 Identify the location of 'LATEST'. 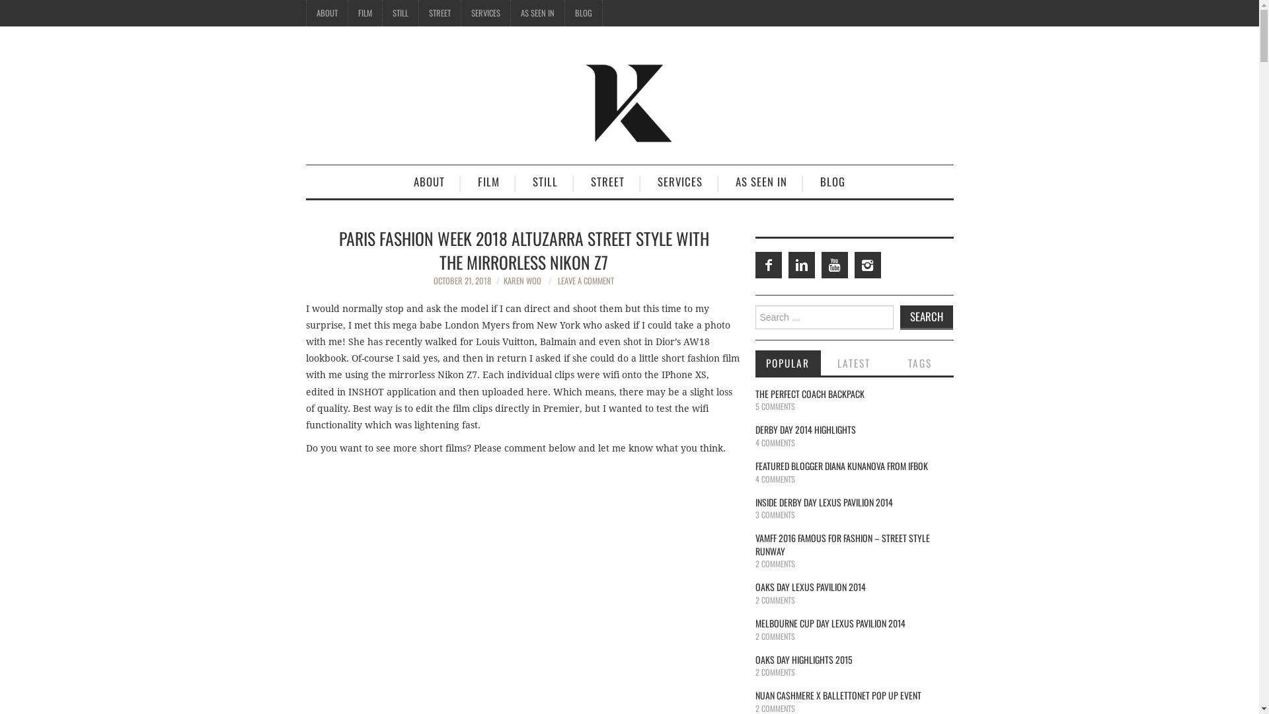
(853, 362).